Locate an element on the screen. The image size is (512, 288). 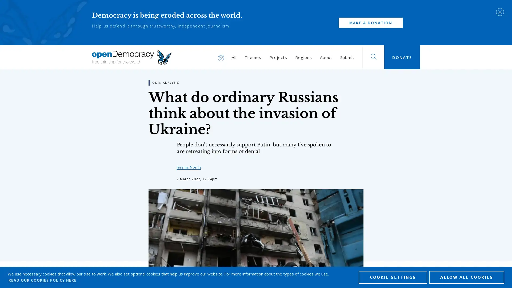
cookie settings is located at coordinates (393, 277).